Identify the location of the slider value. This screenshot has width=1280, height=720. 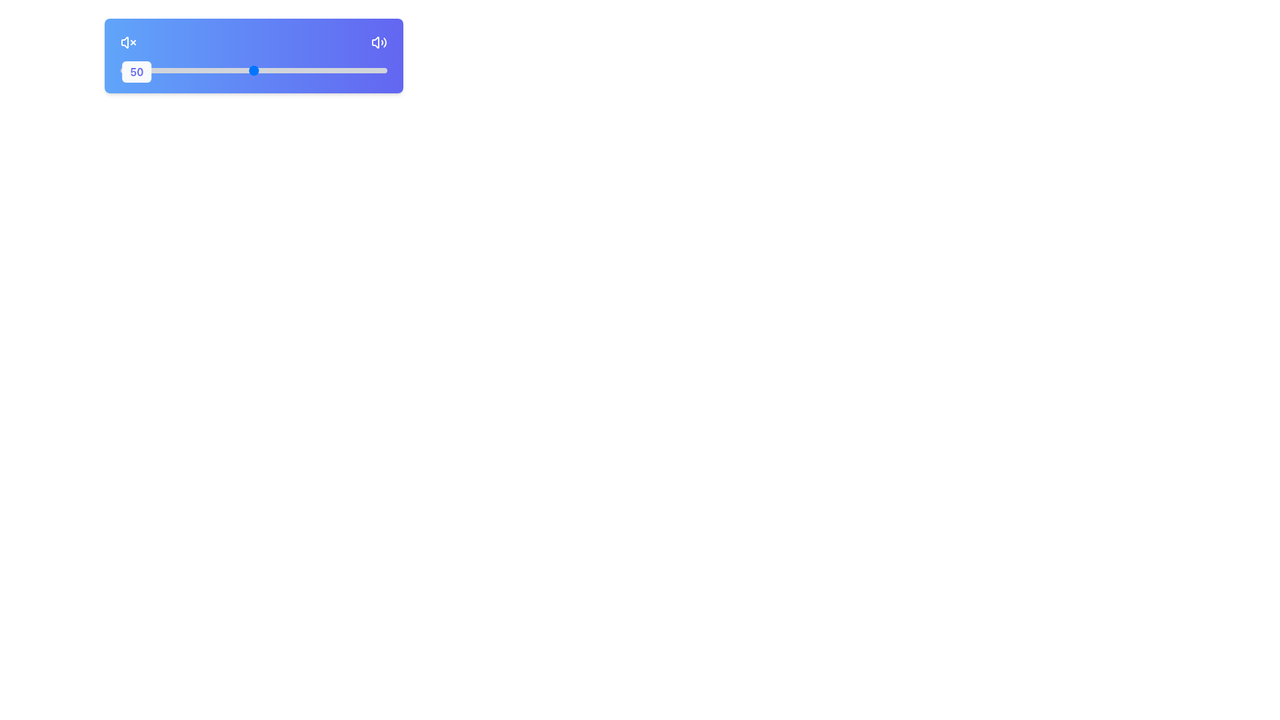
(293, 70).